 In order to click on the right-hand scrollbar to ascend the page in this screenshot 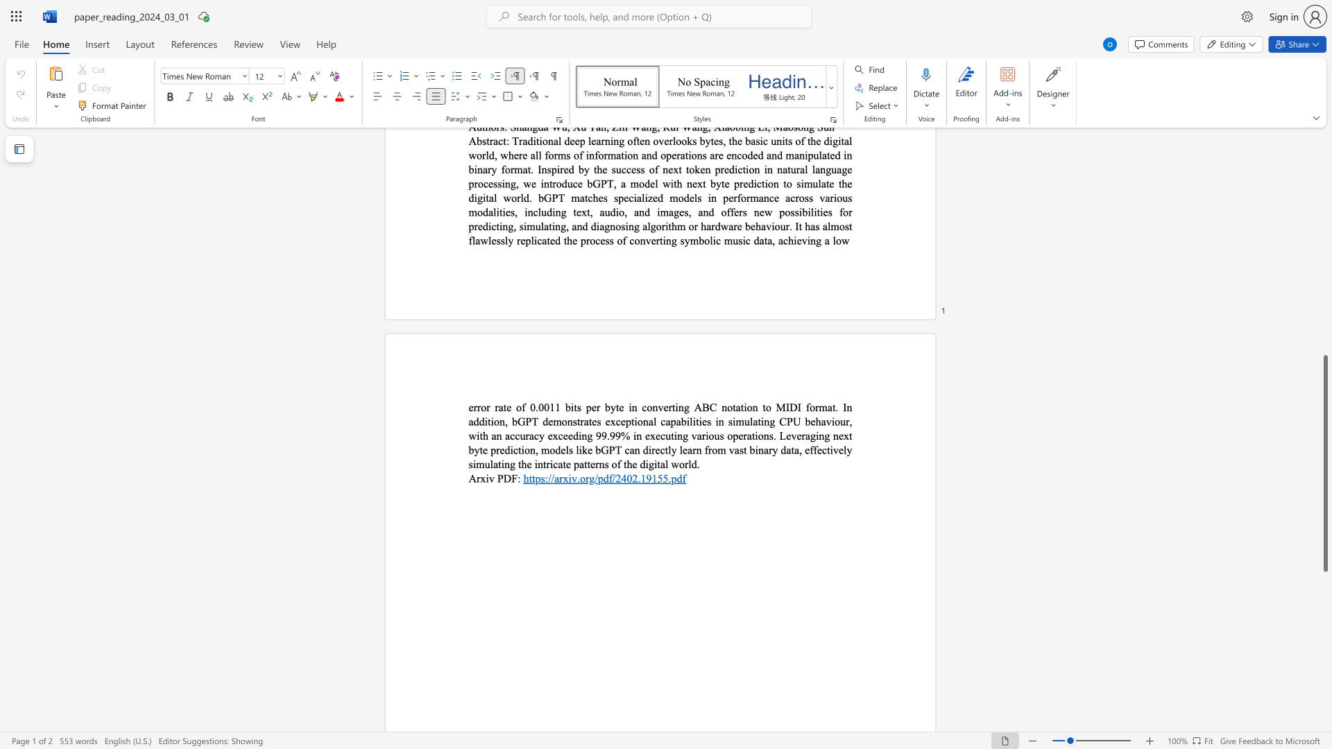, I will do `click(1324, 318)`.